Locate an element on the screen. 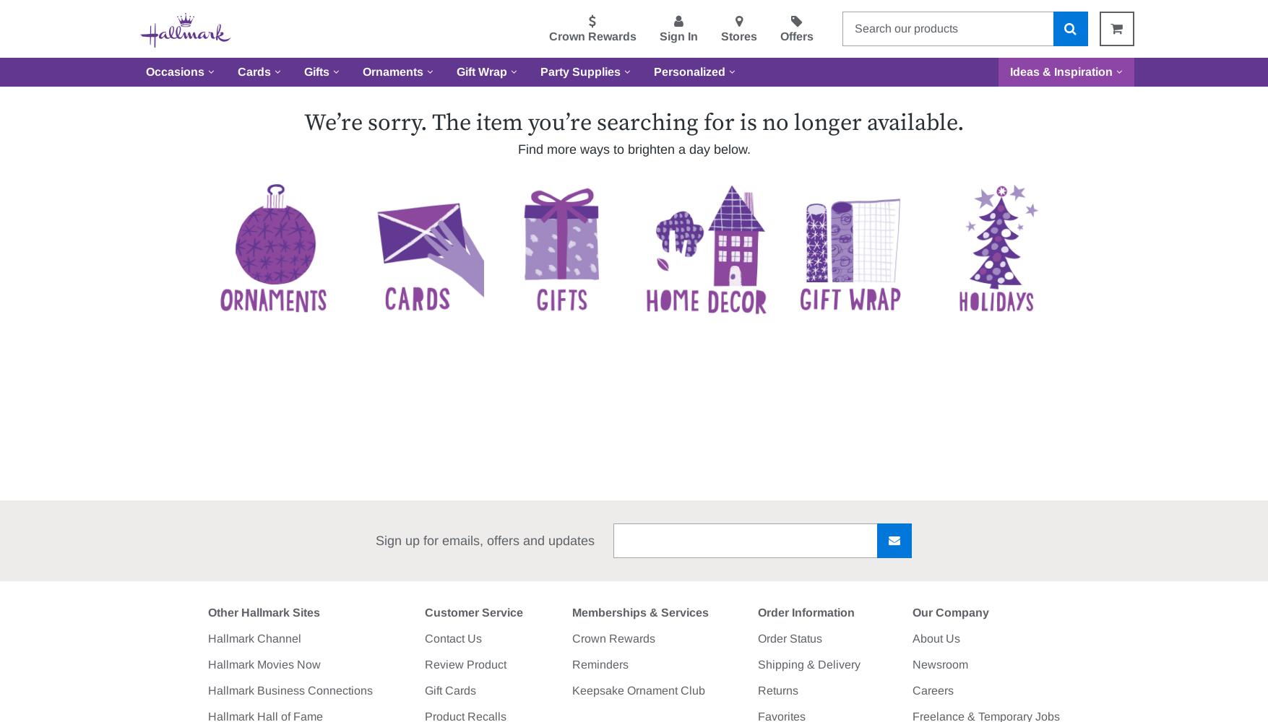 This screenshot has width=1268, height=722. 'Stores' is located at coordinates (738, 36).